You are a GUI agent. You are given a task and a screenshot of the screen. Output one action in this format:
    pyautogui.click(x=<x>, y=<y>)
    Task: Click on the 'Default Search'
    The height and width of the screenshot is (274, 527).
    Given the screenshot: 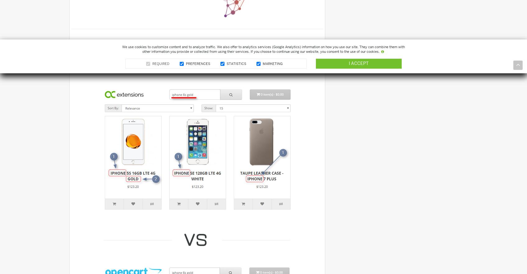 What is the action you would take?
    pyautogui.click(x=229, y=45)
    